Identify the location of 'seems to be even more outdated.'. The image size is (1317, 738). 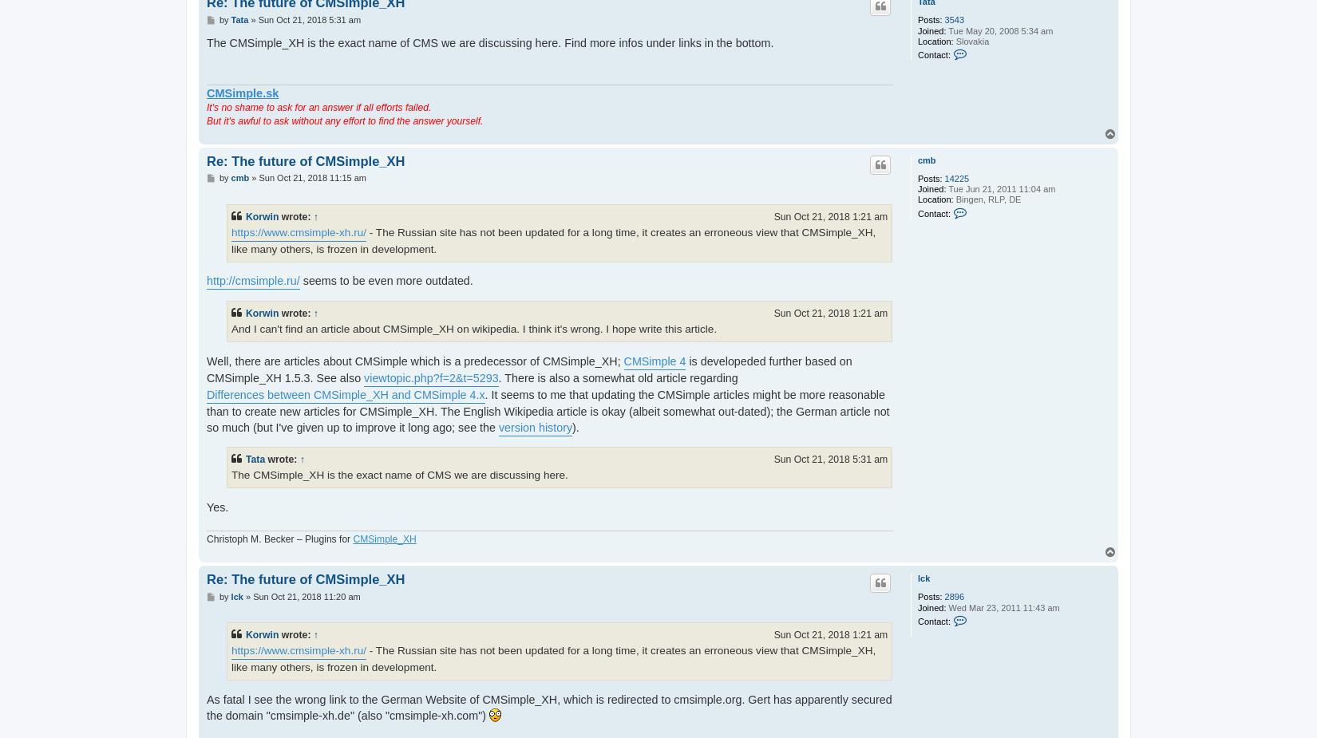
(385, 279).